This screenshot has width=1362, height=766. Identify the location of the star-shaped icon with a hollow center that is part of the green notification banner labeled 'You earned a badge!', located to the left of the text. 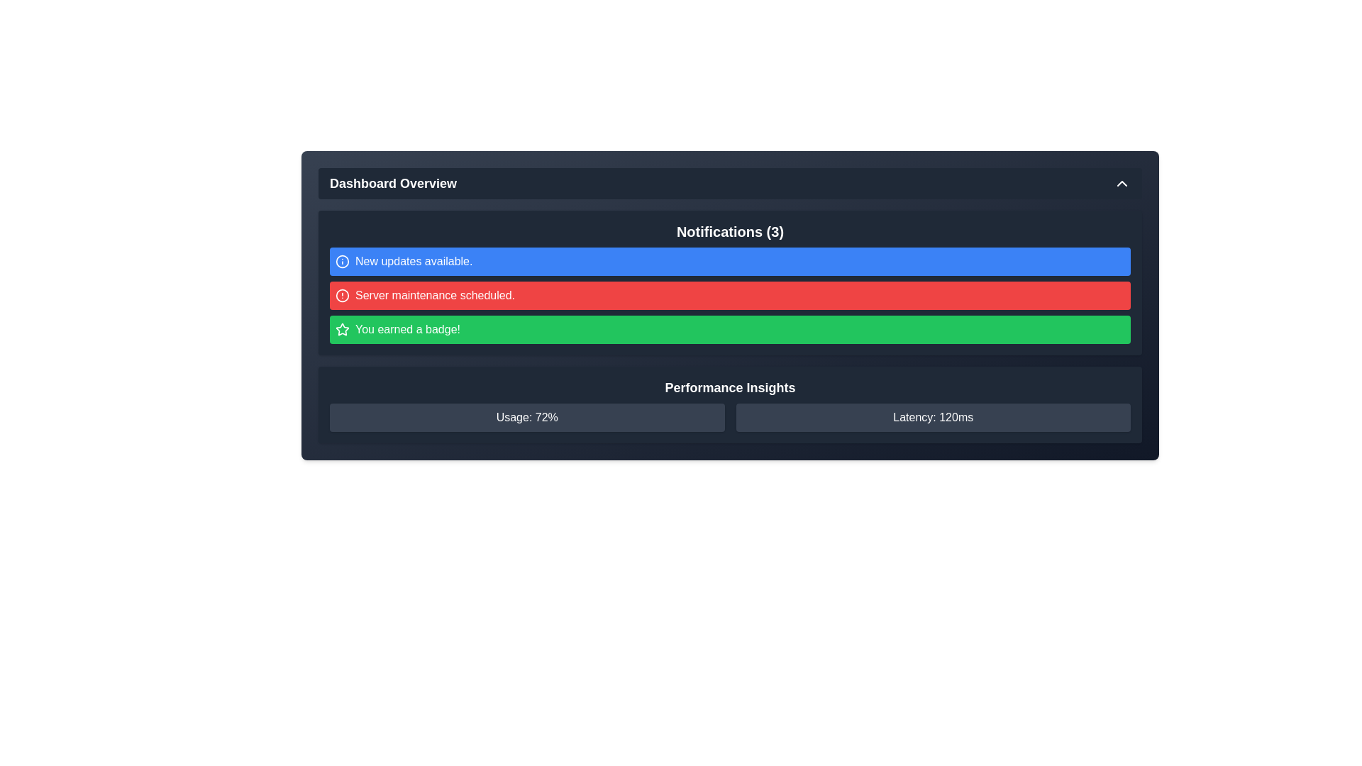
(343, 330).